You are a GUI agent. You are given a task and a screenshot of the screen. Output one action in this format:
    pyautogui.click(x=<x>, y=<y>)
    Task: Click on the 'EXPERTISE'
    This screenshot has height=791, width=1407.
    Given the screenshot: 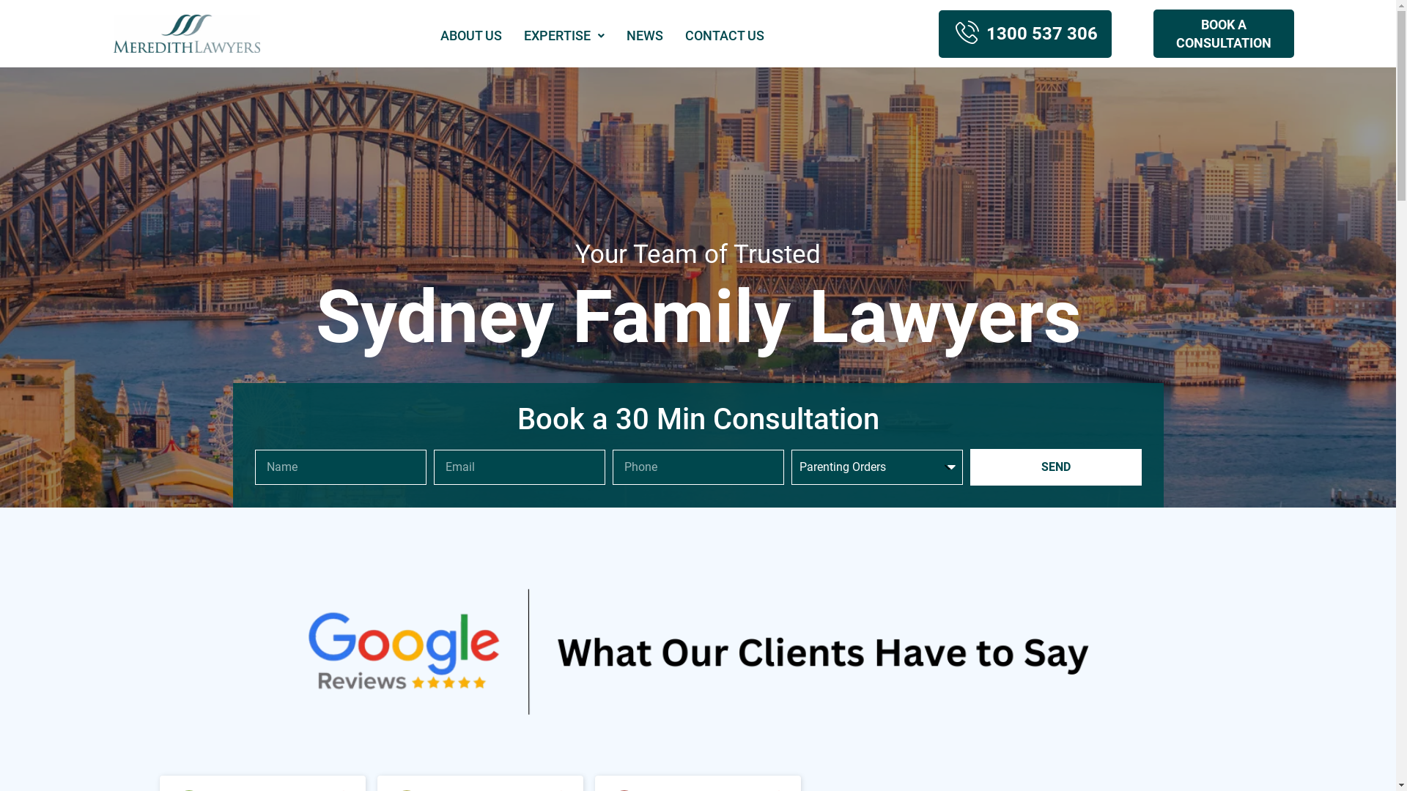 What is the action you would take?
    pyautogui.click(x=563, y=35)
    